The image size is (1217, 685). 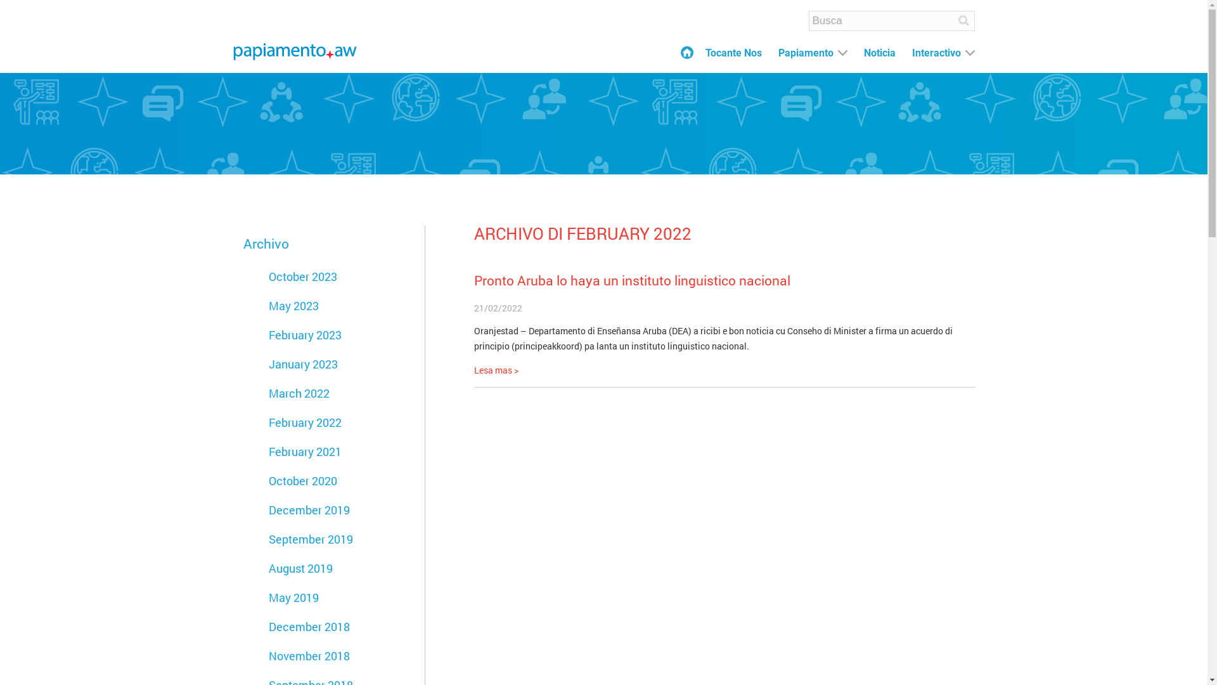 What do you see at coordinates (879, 53) in the screenshot?
I see `'Noticia'` at bounding box center [879, 53].